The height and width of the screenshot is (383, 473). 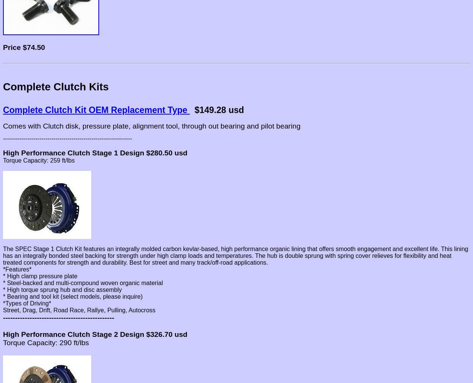 I want to click on '$149.28 usd', so click(x=190, y=110).